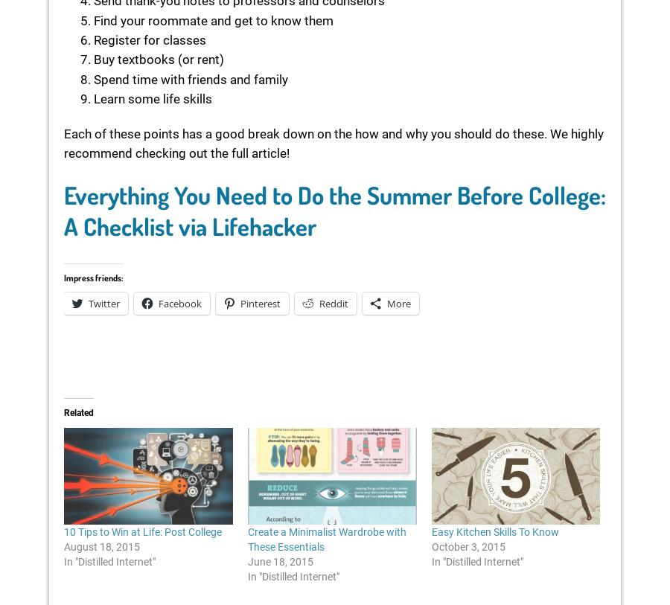 The height and width of the screenshot is (605, 670). Describe the element at coordinates (261, 302) in the screenshot. I see `'Pinterest'` at that location.